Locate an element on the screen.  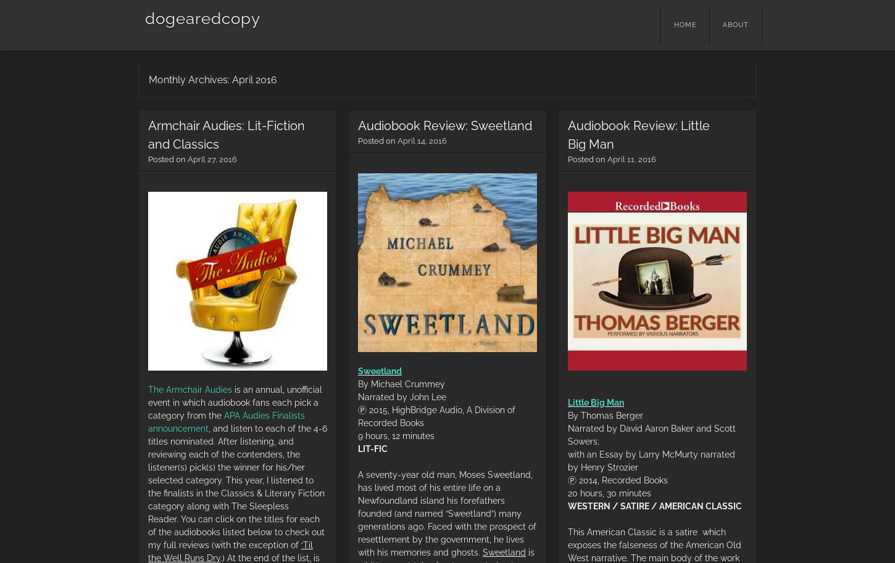
'is an annual, unofficial event in which audiobook fans each pick a category from the' is located at coordinates (147, 401).